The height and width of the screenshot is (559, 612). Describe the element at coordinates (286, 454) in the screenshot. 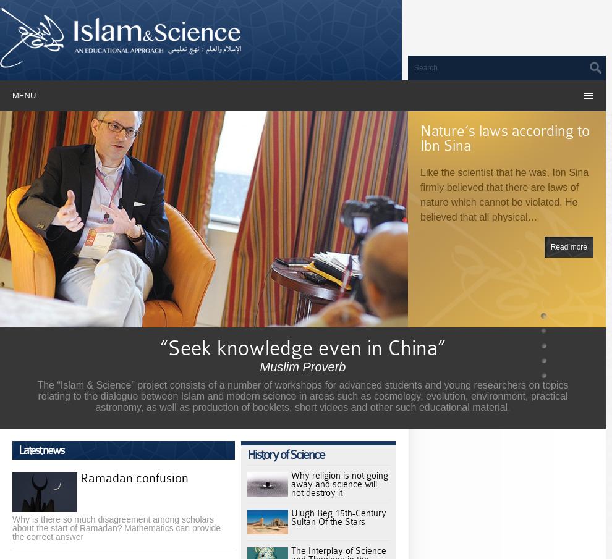

I see `'History of Science'` at that location.